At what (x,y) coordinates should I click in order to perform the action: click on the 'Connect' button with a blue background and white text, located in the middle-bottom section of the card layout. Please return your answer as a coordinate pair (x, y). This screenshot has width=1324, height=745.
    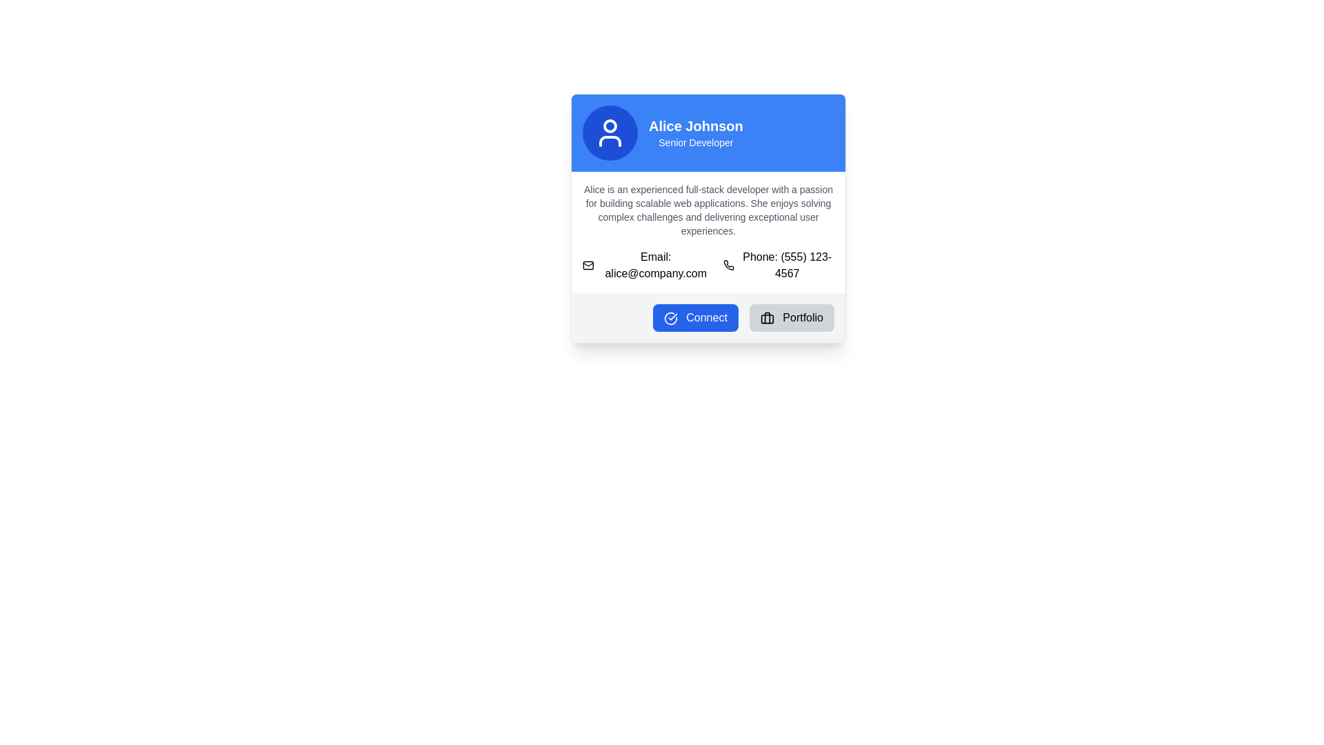
    Looking at the image, I should click on (695, 318).